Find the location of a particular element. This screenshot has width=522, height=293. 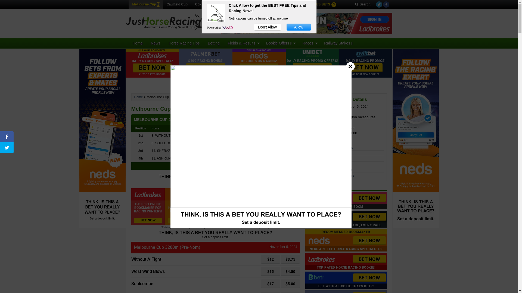

'Home' is located at coordinates (137, 43).